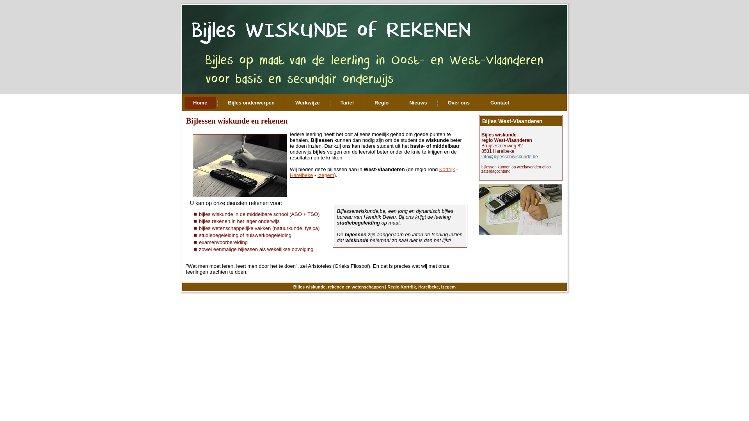 The width and height of the screenshot is (749, 421). Describe the element at coordinates (346, 102) in the screenshot. I see `'Tarief'` at that location.